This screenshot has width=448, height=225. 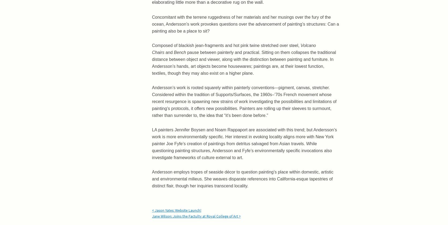 I want to click on 'Andersson employs tropes of seaside décor to question painting’s place within domestic, artistic and environmental milieus. She weaves disparate references into California-esque tapestries of distinct flair, though her inquiries transcend locality.', so click(x=242, y=178).